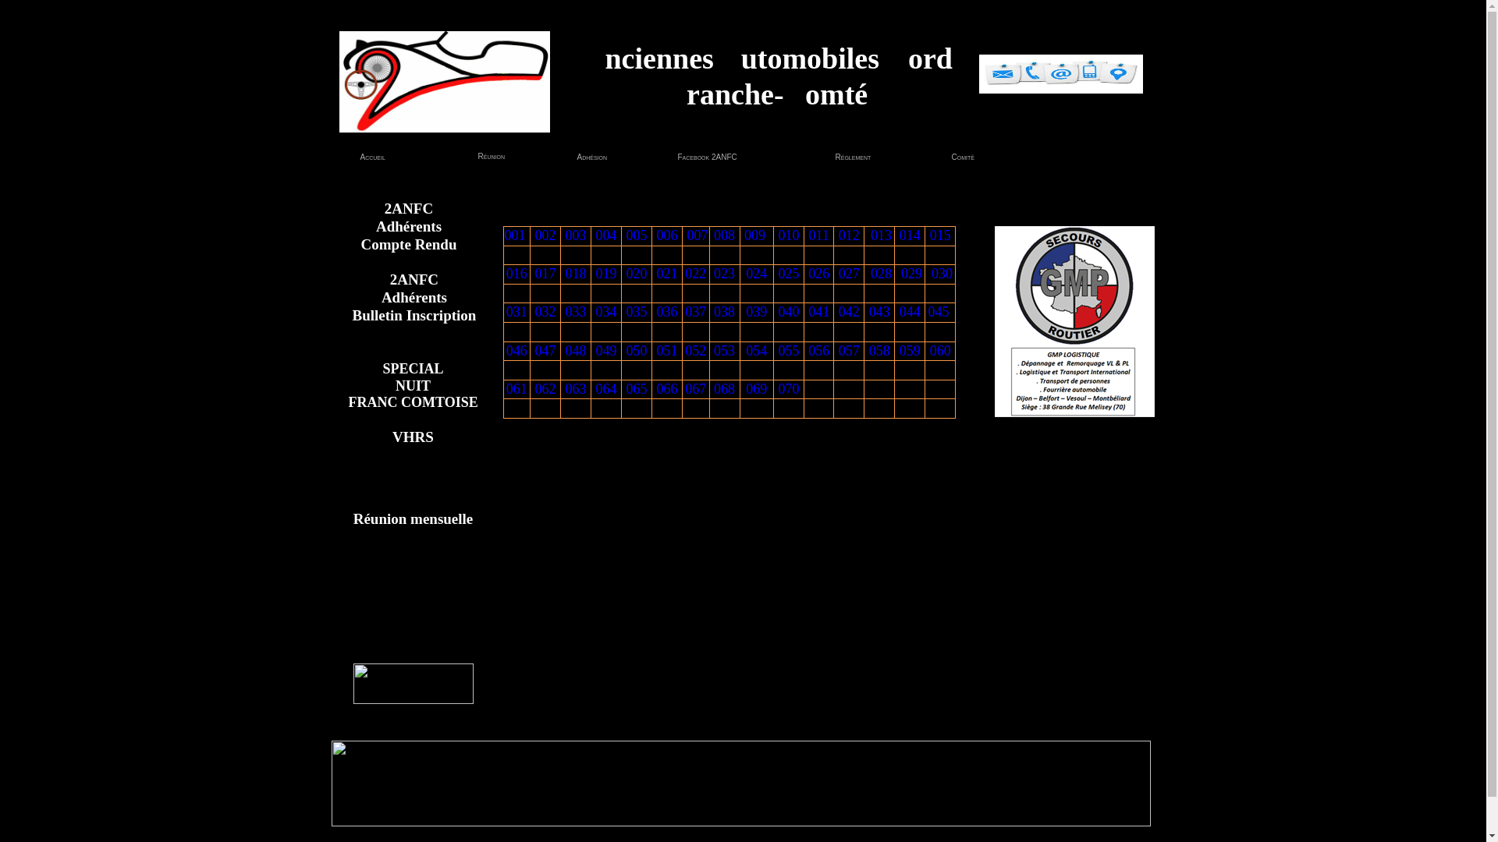 This screenshot has width=1498, height=842. I want to click on ' 011 ', so click(818, 235).